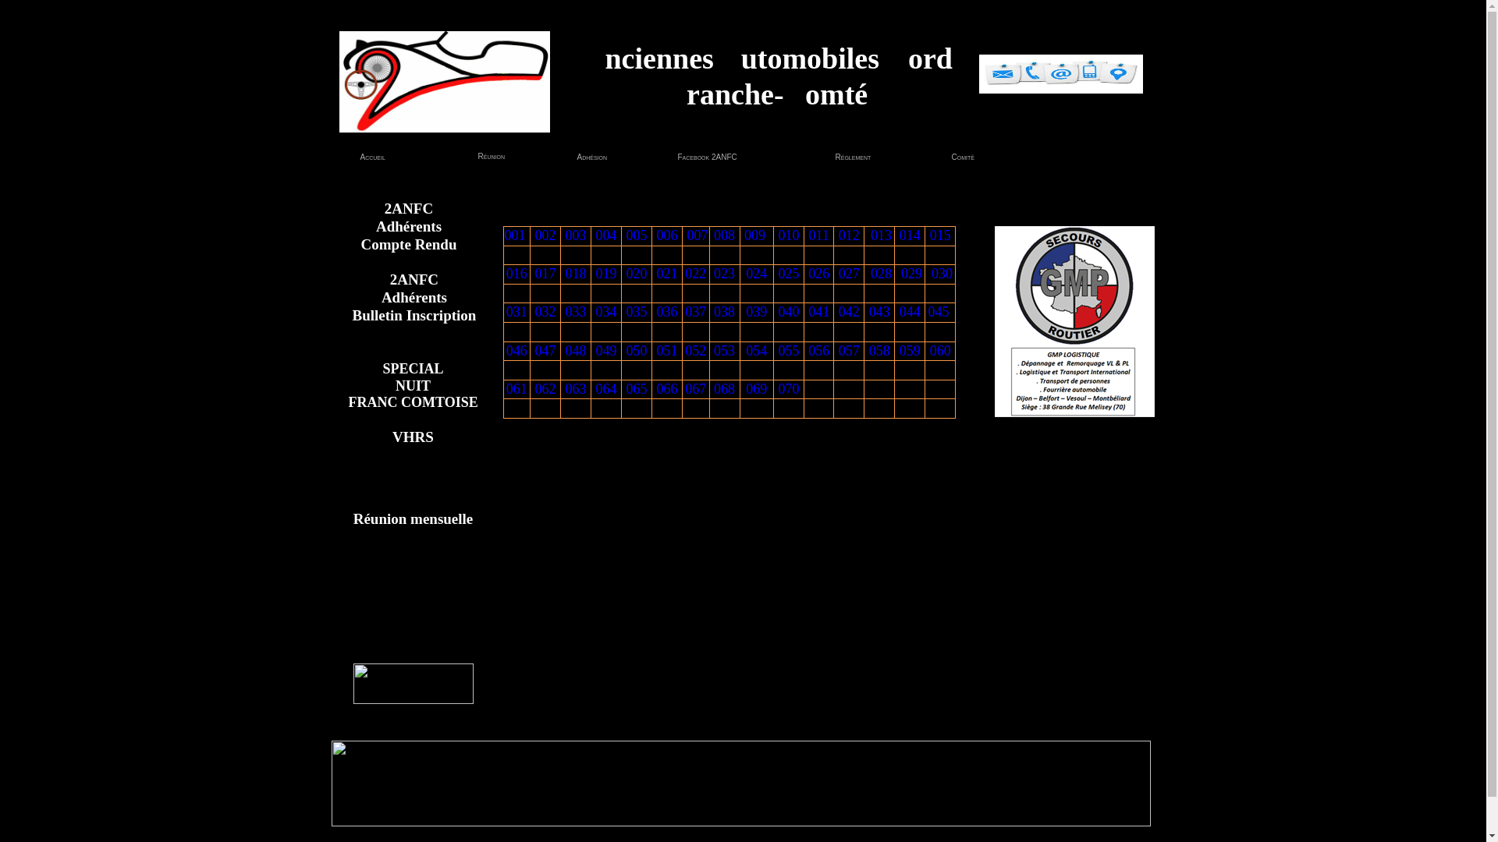 This screenshot has width=1498, height=842. I want to click on ' 011 ', so click(818, 235).